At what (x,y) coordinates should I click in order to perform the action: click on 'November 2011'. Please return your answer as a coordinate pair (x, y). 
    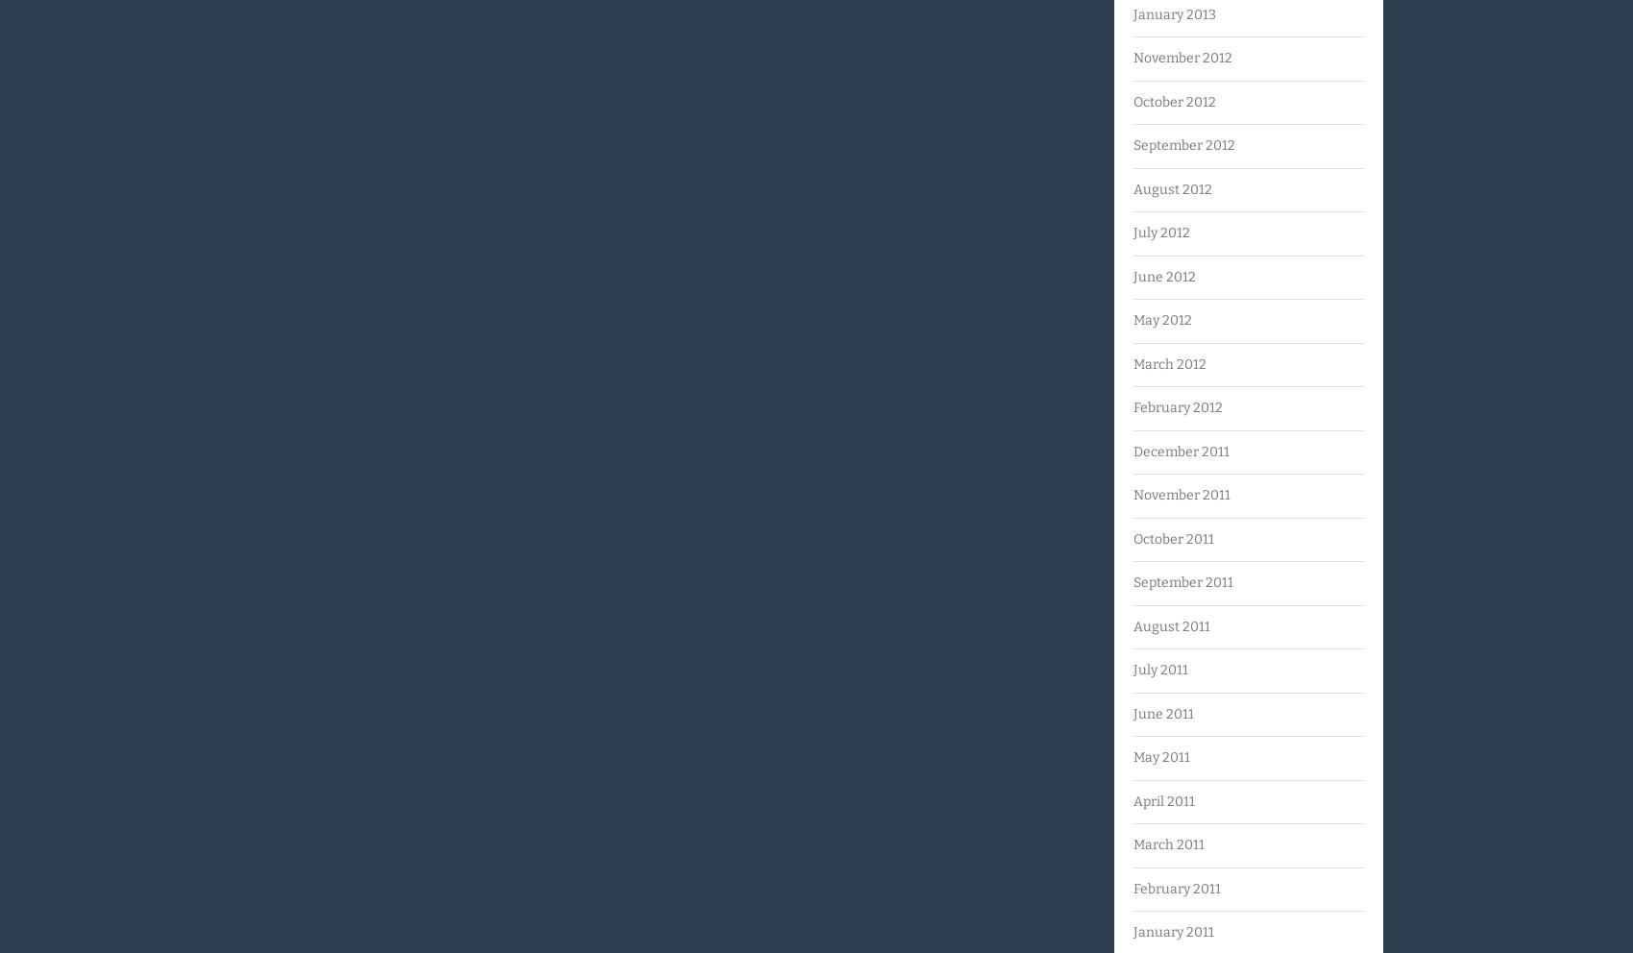
    Looking at the image, I should click on (1181, 494).